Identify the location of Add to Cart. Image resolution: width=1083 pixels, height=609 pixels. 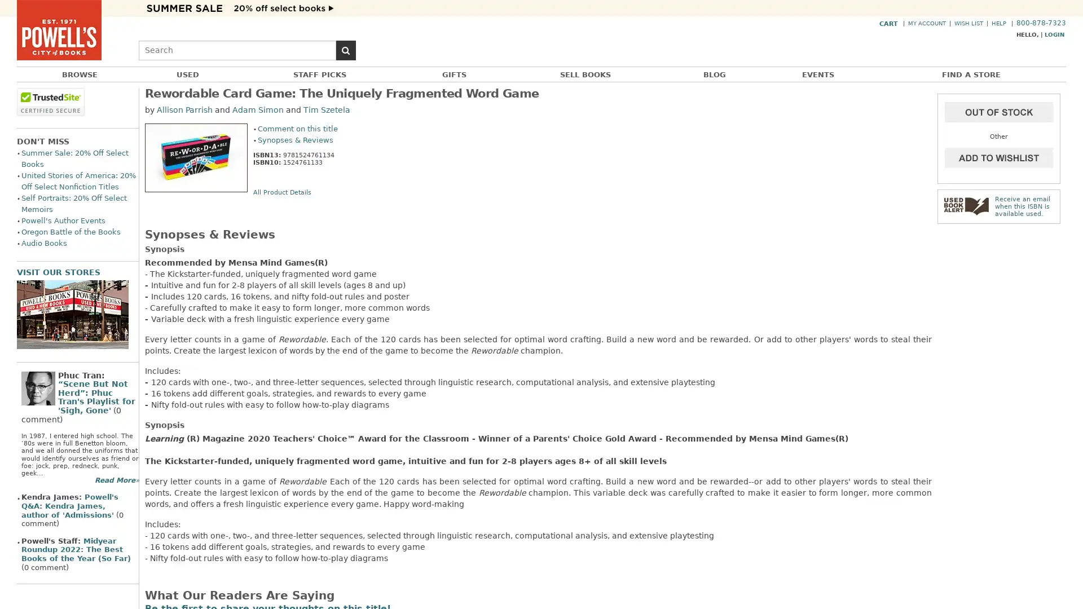
(999, 111).